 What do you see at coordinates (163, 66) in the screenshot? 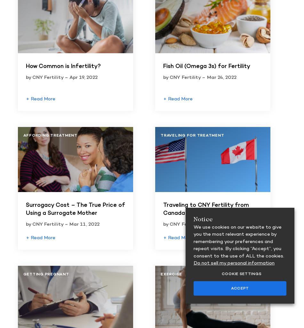
I see `'Fish Oil (Omega 3s) for Fertility'` at bounding box center [163, 66].